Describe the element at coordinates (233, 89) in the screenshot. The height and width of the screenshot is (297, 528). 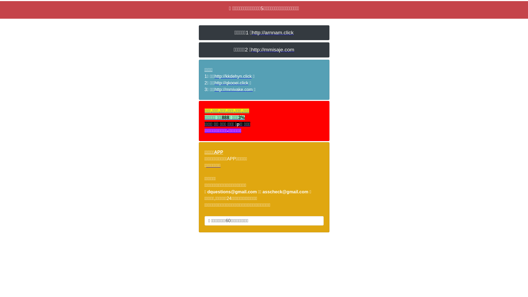
I see `'http://mmivake.com'` at that location.